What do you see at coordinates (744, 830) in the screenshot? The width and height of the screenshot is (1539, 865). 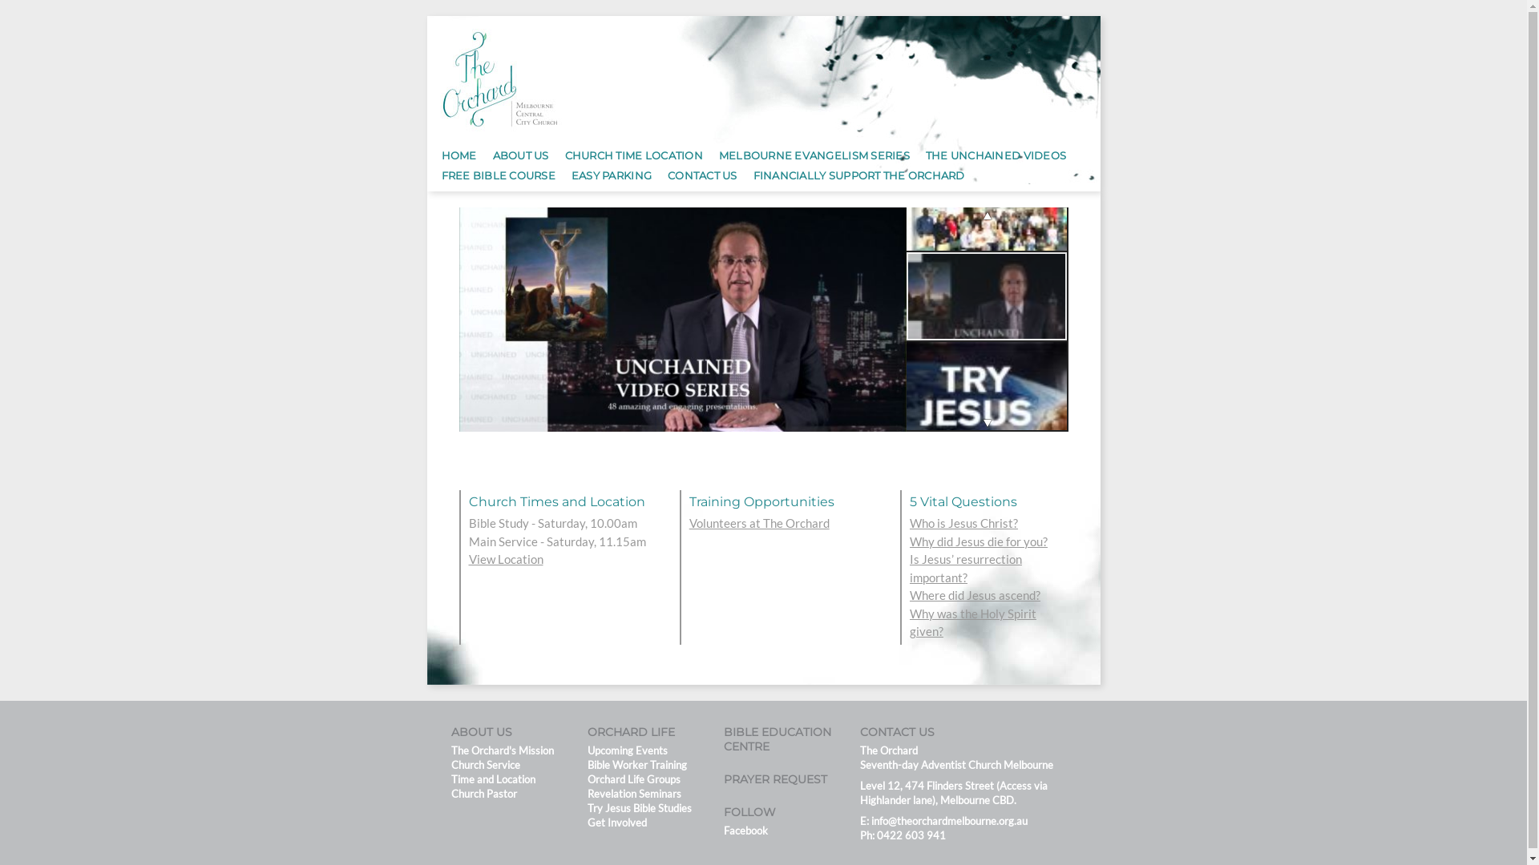 I see `'Facebook'` at bounding box center [744, 830].